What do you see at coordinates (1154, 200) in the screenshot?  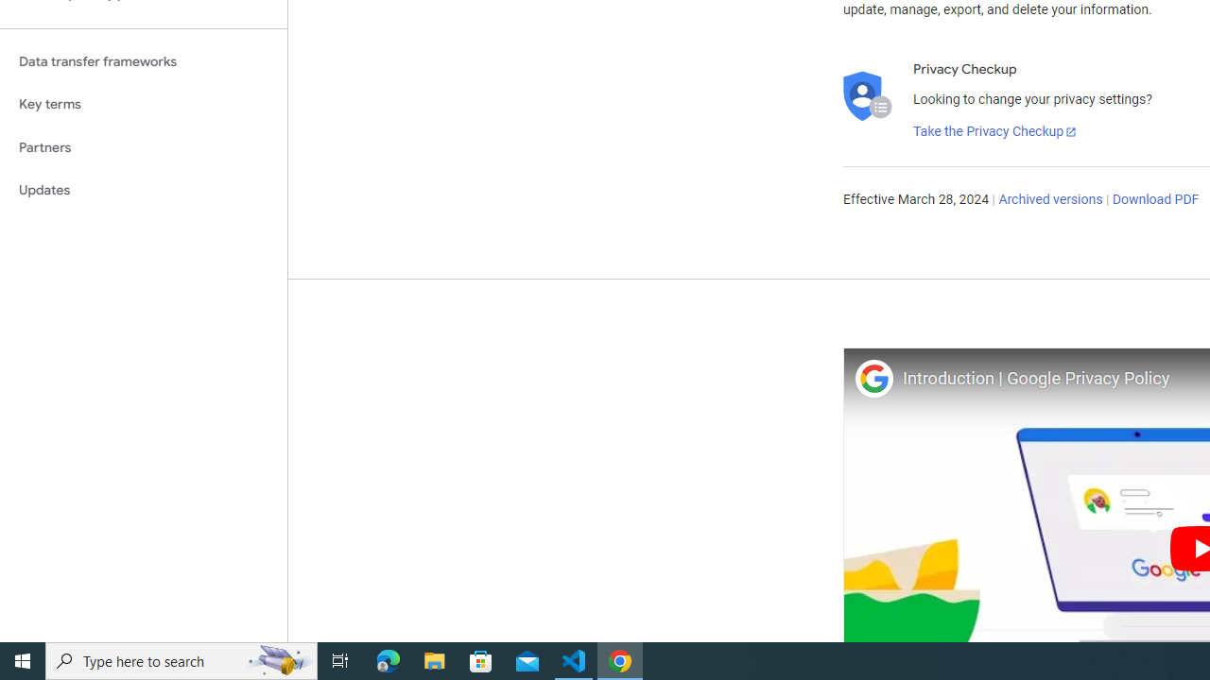 I see `'Download PDF'` at bounding box center [1154, 200].